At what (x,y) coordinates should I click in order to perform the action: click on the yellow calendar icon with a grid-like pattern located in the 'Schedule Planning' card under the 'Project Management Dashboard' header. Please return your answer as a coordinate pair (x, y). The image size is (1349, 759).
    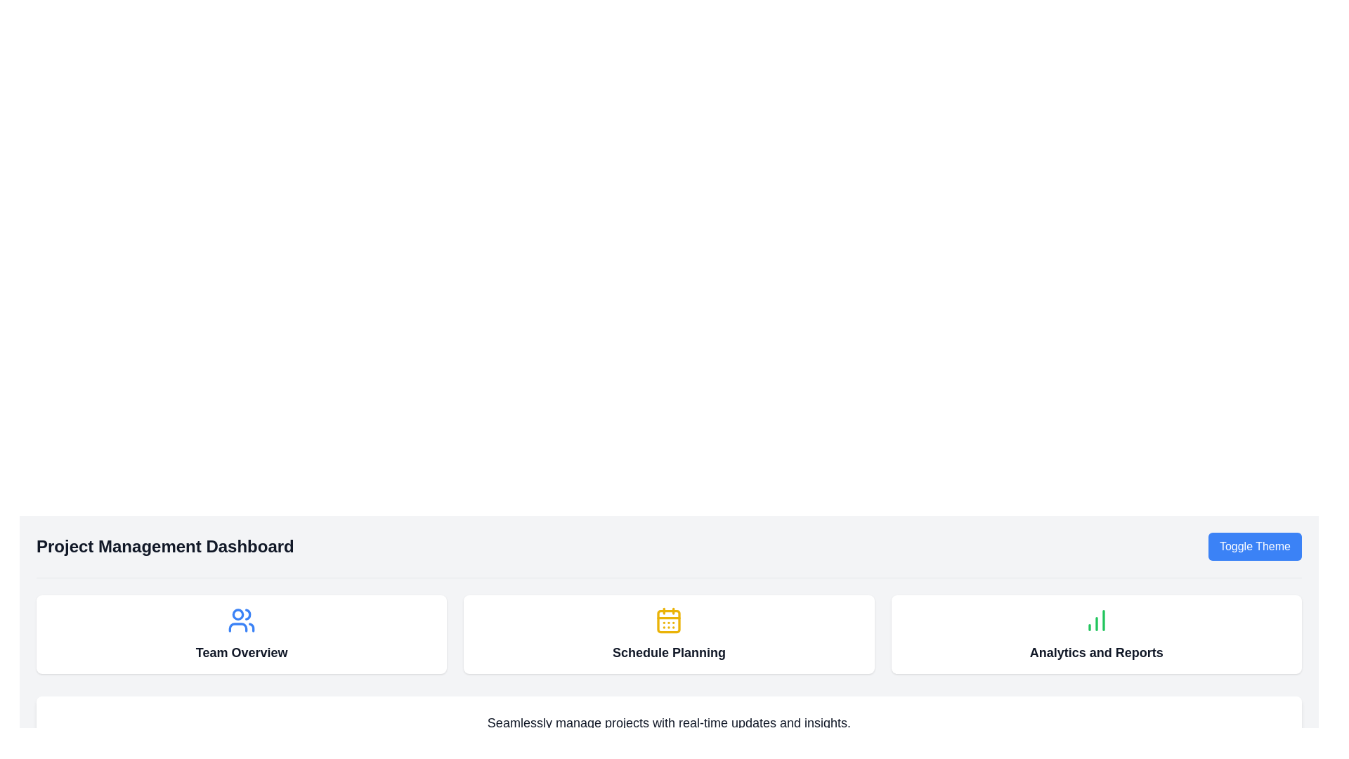
    Looking at the image, I should click on (668, 620).